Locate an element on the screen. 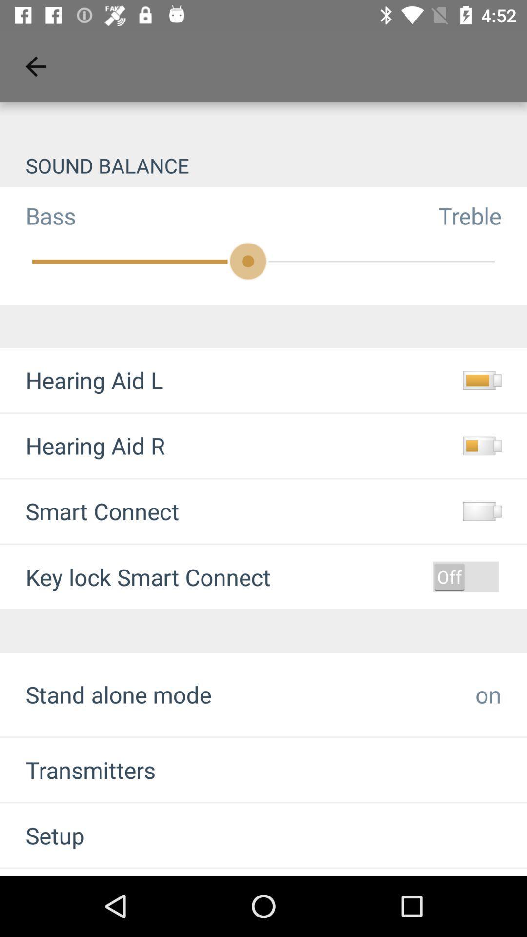 The image size is (527, 937). icon next to on icon is located at coordinates (118, 694).